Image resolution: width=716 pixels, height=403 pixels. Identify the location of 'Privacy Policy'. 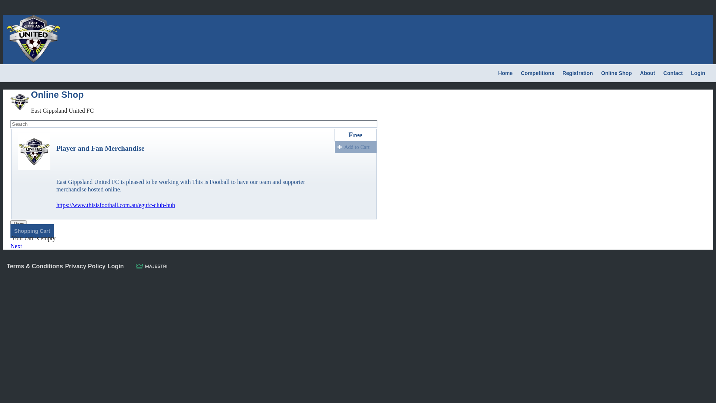
(85, 266).